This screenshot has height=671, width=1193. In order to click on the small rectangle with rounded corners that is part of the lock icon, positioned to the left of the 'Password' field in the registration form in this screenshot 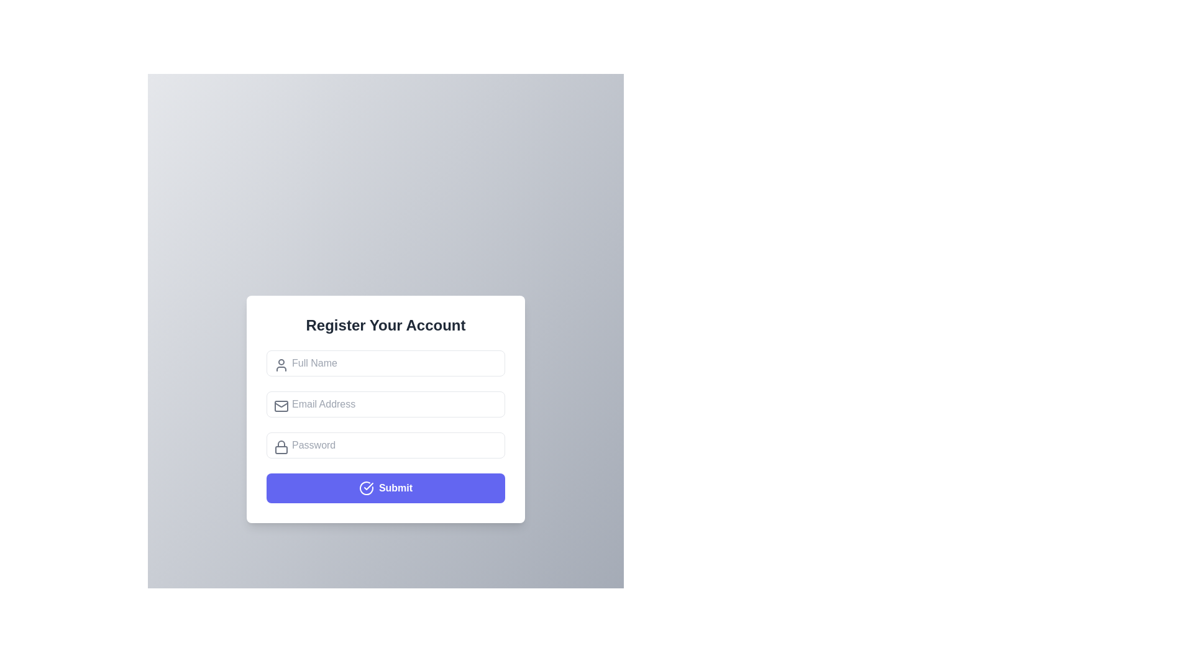, I will do `click(280, 450)`.